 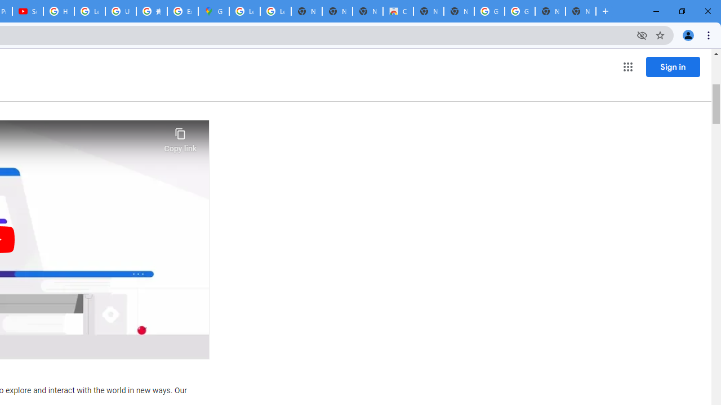 I want to click on 'Sign in', so click(x=673, y=66).